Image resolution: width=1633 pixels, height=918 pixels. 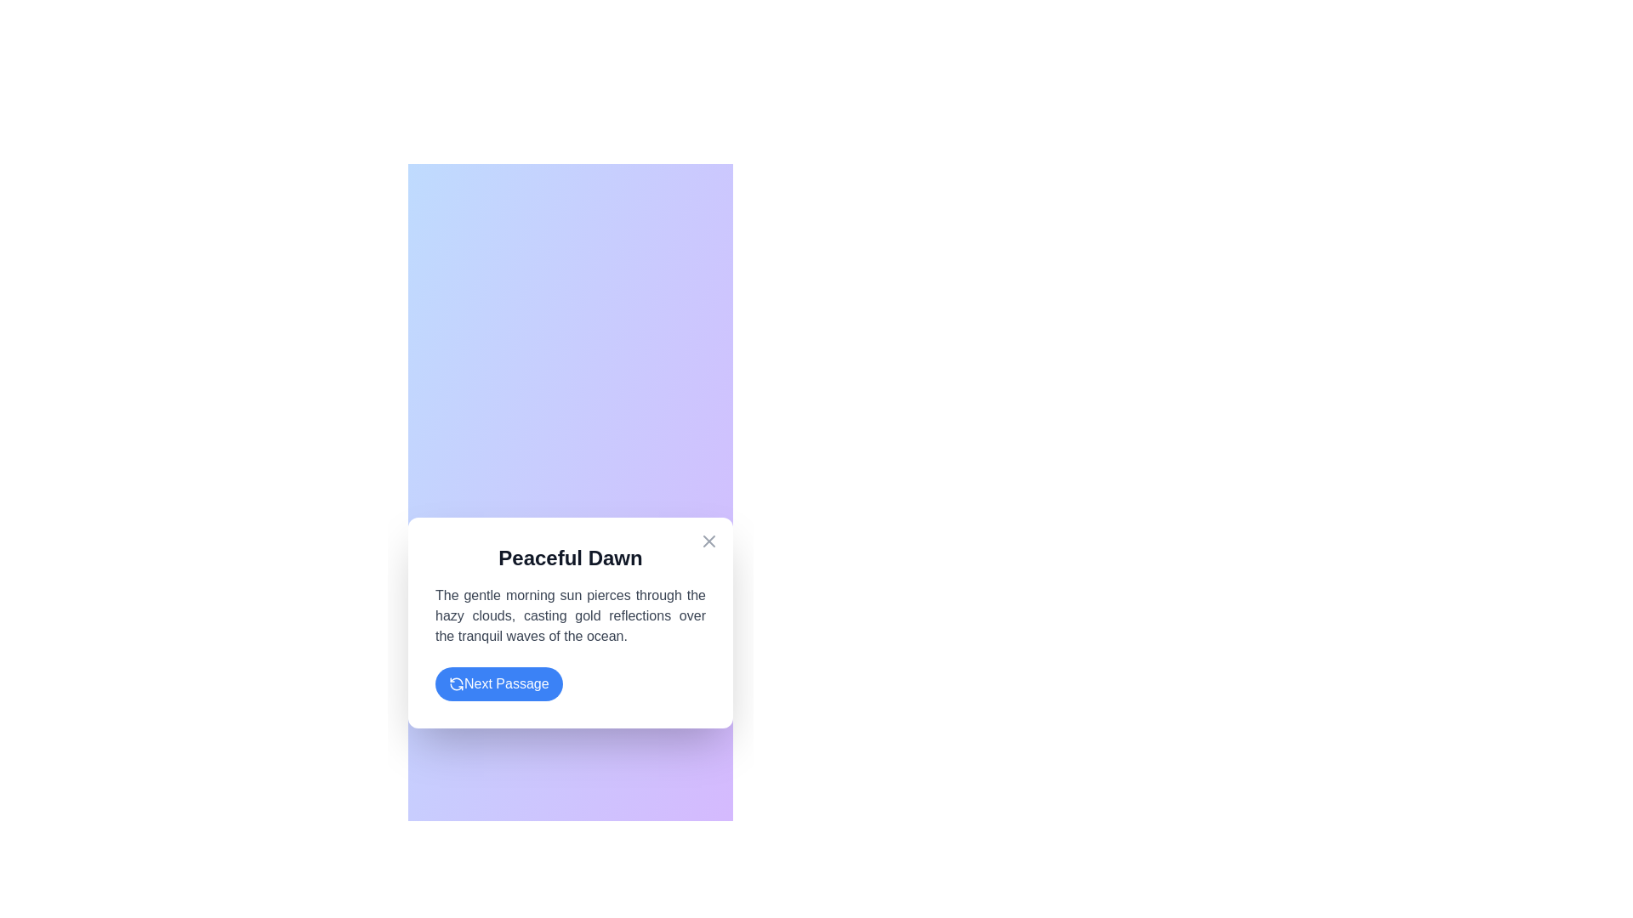 What do you see at coordinates (709, 541) in the screenshot?
I see `the close button to close the dialog box` at bounding box center [709, 541].